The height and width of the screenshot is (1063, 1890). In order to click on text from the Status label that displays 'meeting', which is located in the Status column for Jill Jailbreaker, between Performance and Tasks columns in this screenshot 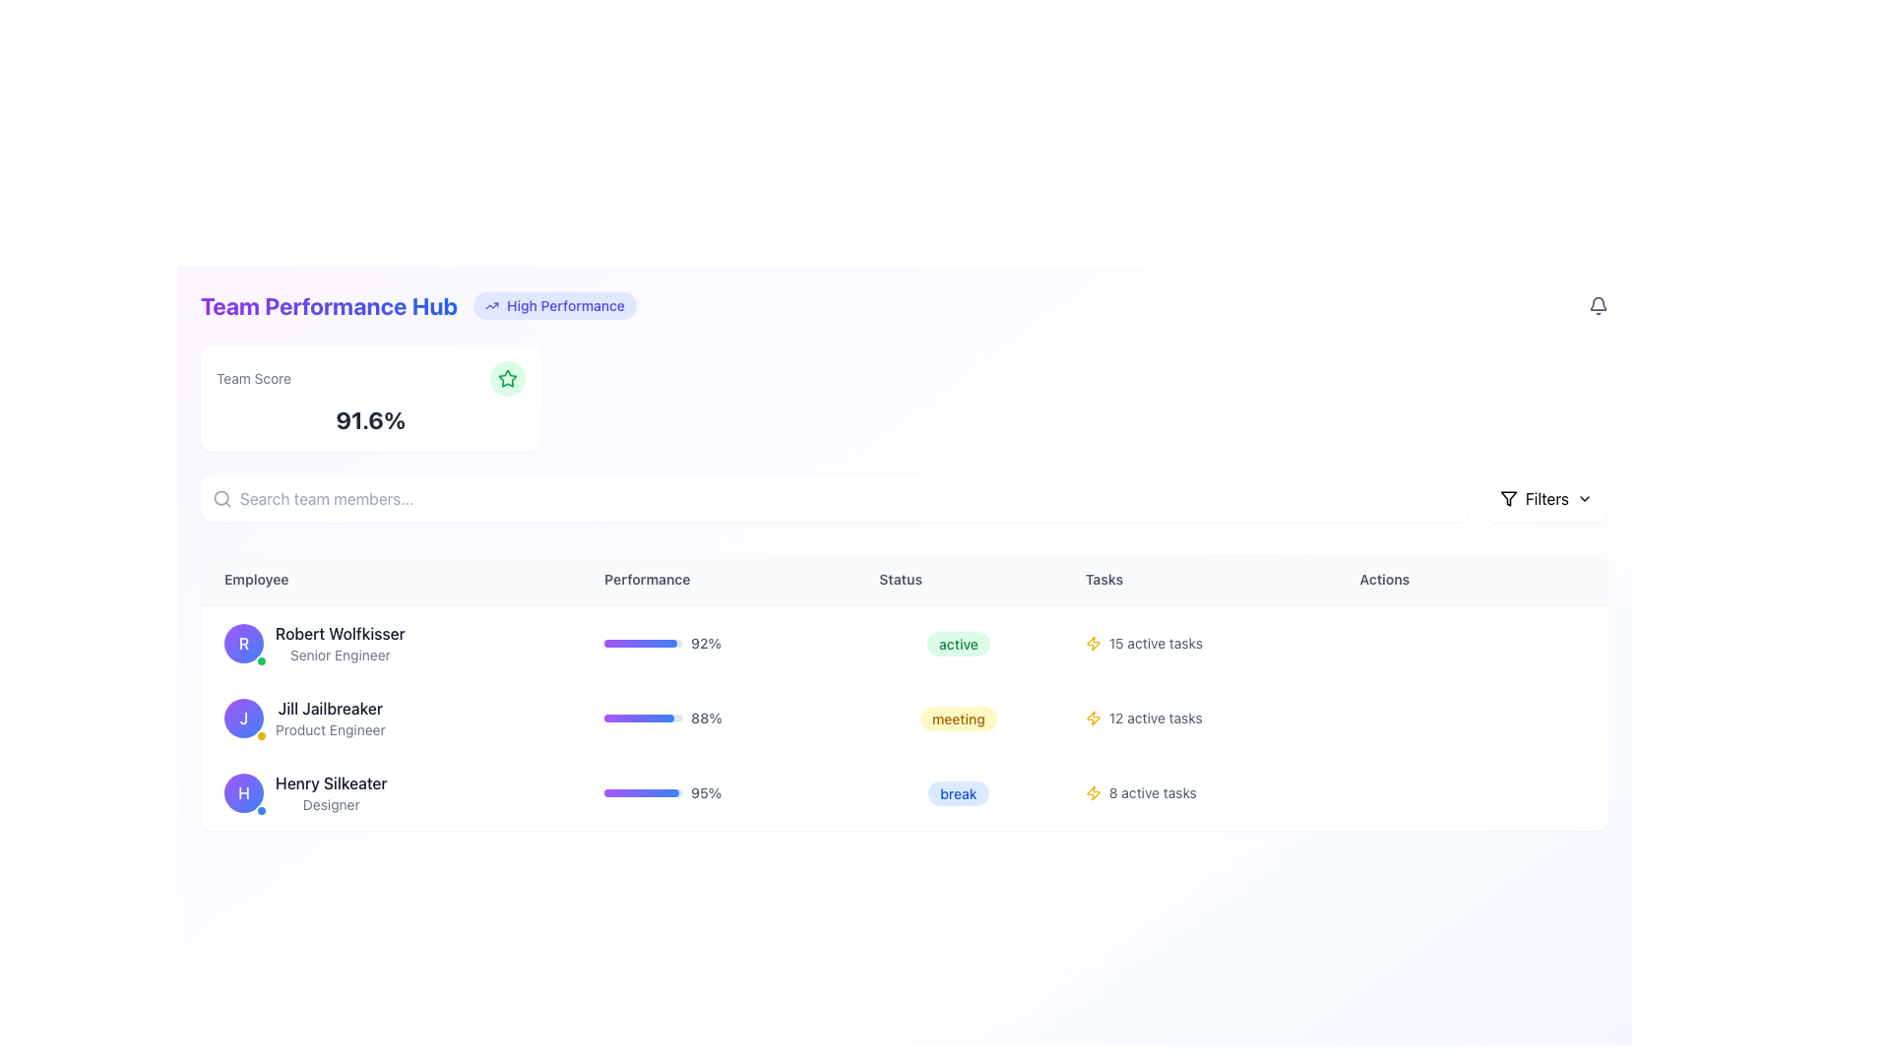, I will do `click(959, 718)`.